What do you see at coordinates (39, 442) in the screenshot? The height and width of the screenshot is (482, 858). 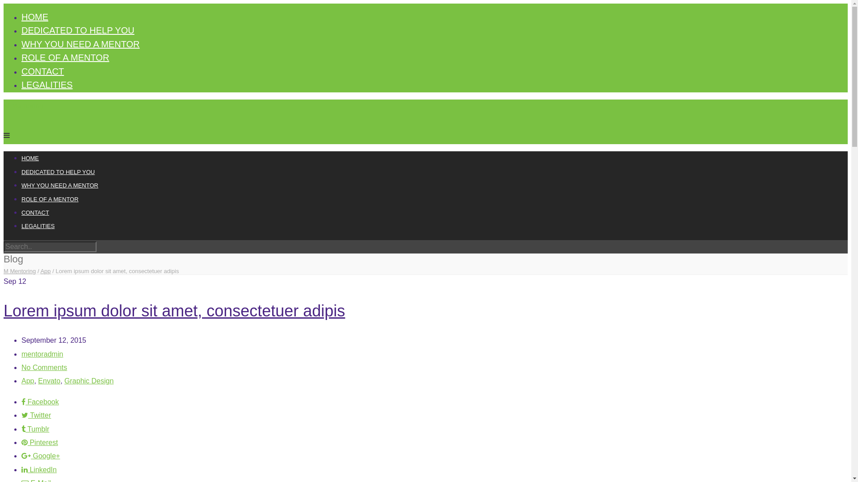 I see `'Pinterest'` at bounding box center [39, 442].